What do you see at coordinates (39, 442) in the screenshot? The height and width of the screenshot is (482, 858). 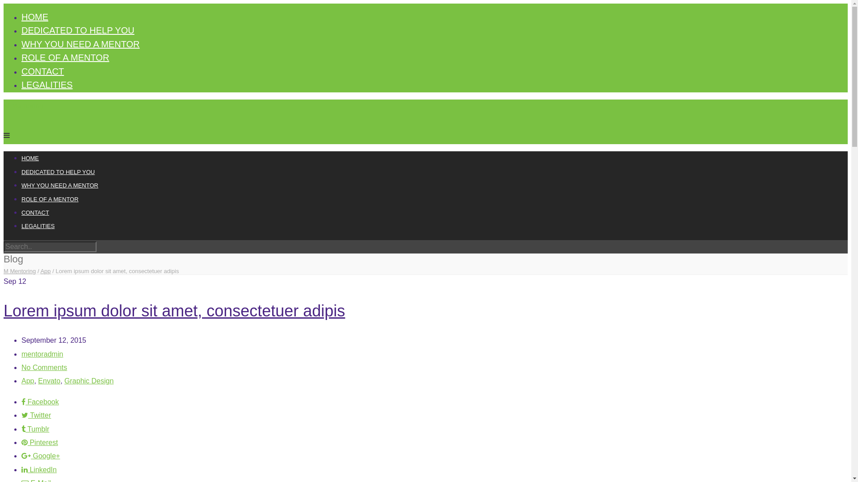 I see `'Pinterest'` at bounding box center [39, 442].